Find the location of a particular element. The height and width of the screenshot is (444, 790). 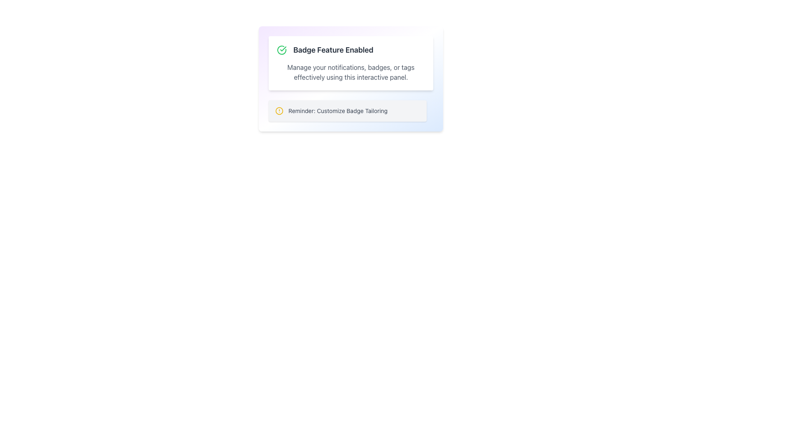

the text label that conveys the status of the 'Badge Feature' being enabled, positioned to the right of a green checkmark icon in the upper section of the interface is located at coordinates (333, 50).